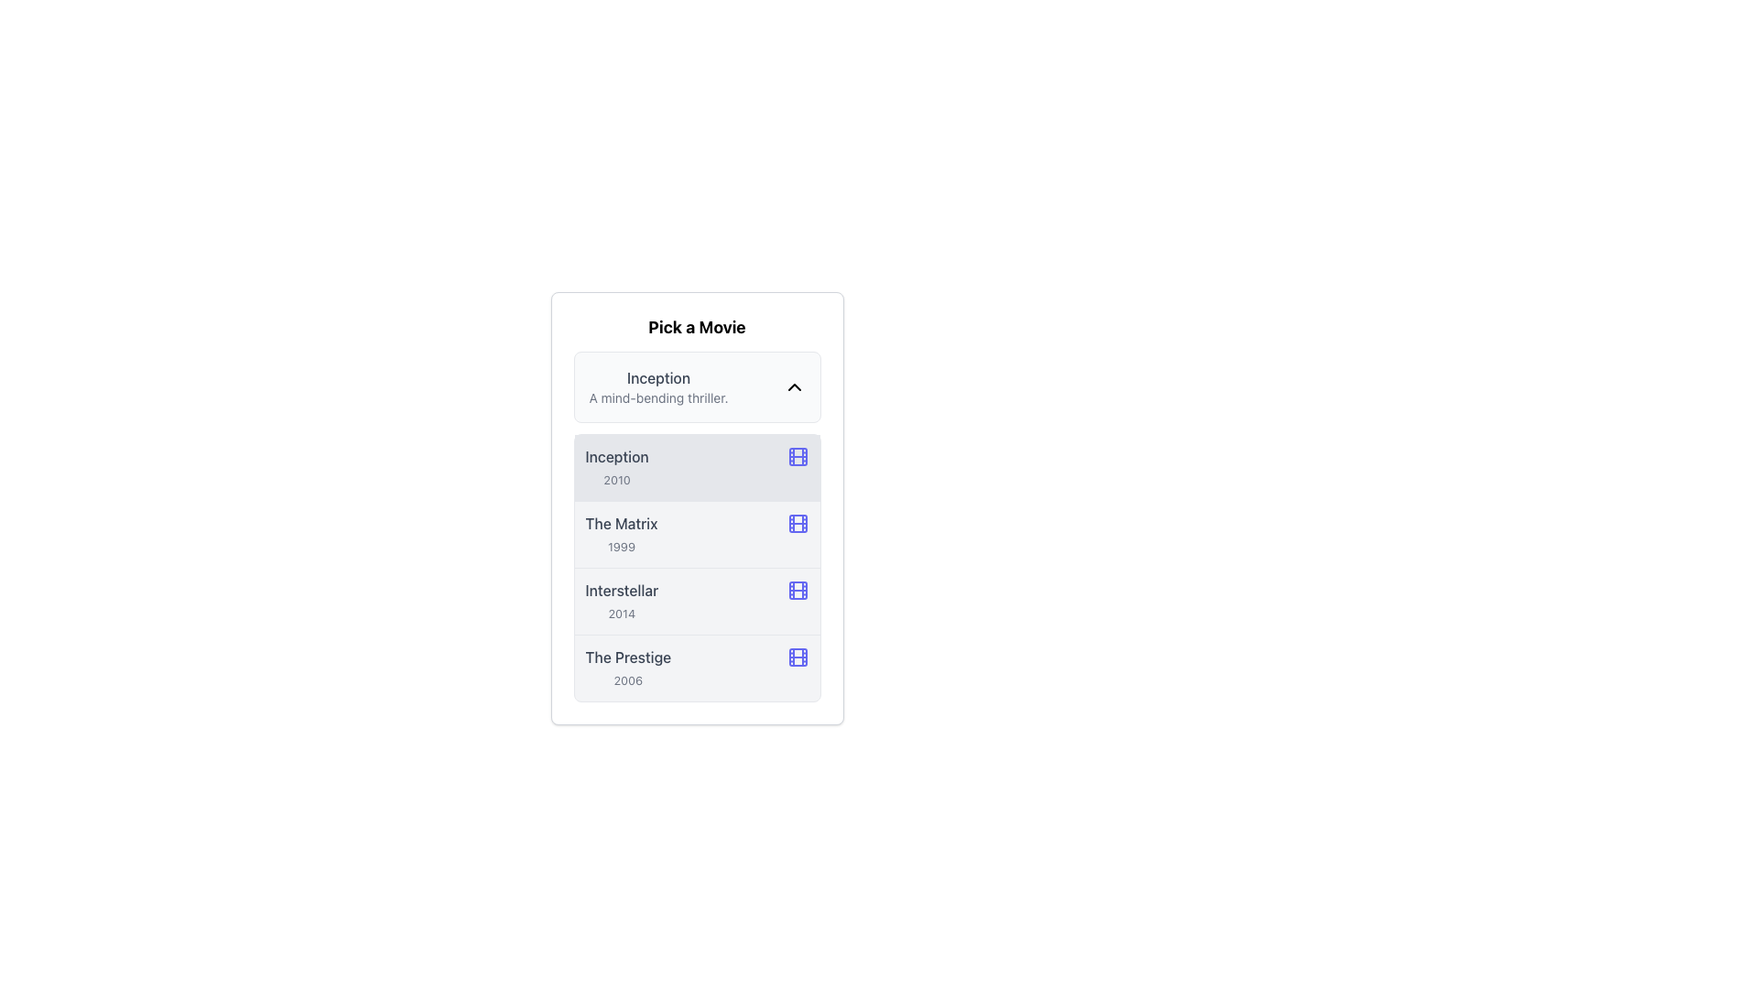 This screenshot has width=1758, height=989. What do you see at coordinates (628, 680) in the screenshot?
I see `the text label displaying the release year '2006' for the movie 'The Prestige', which is located below the main title and aligned with other date labels` at bounding box center [628, 680].